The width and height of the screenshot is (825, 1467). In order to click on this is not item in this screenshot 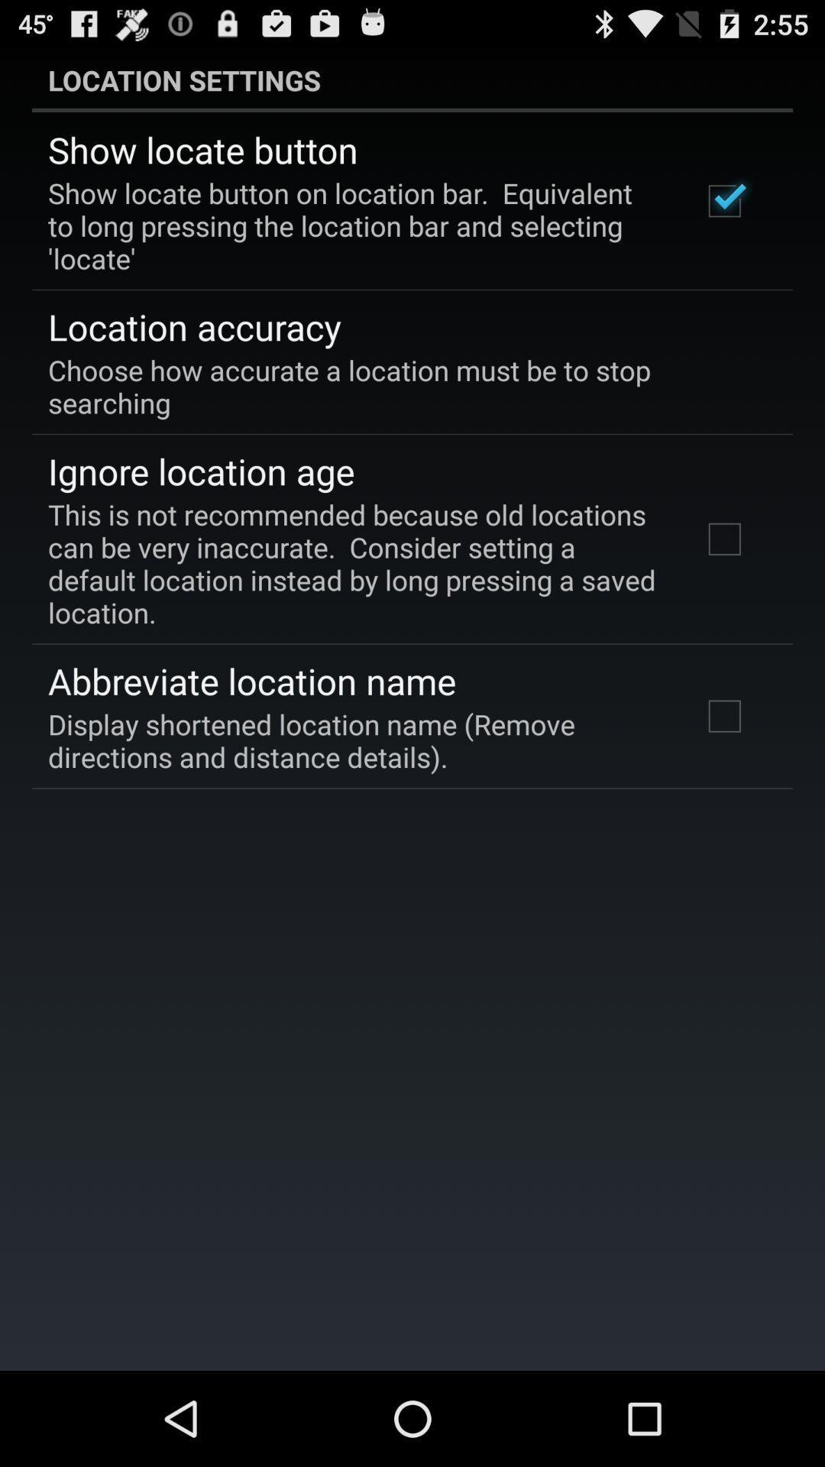, I will do `click(354, 562)`.